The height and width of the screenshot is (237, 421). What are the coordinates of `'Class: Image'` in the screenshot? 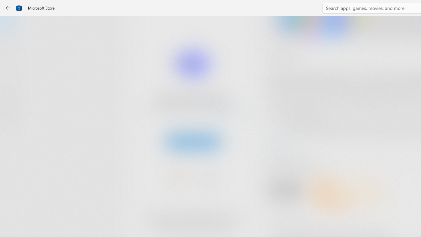 It's located at (19, 8).